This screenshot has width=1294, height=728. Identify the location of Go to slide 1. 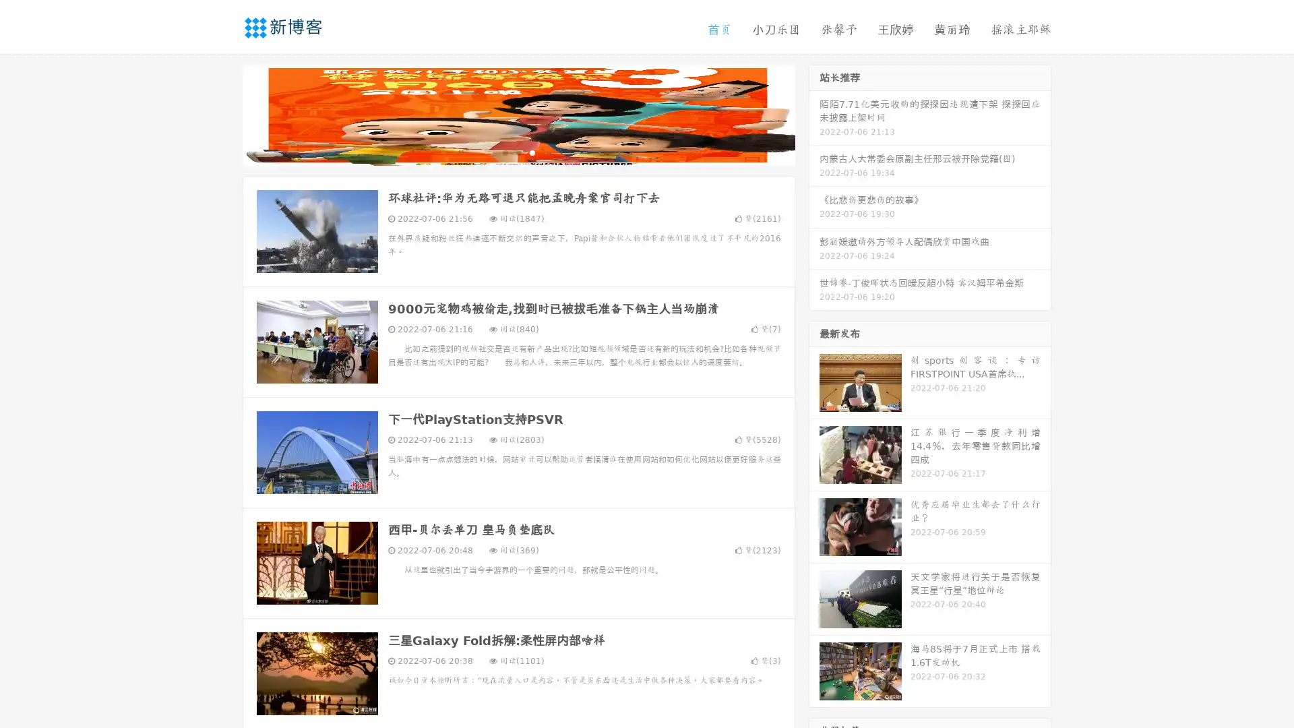
(504, 152).